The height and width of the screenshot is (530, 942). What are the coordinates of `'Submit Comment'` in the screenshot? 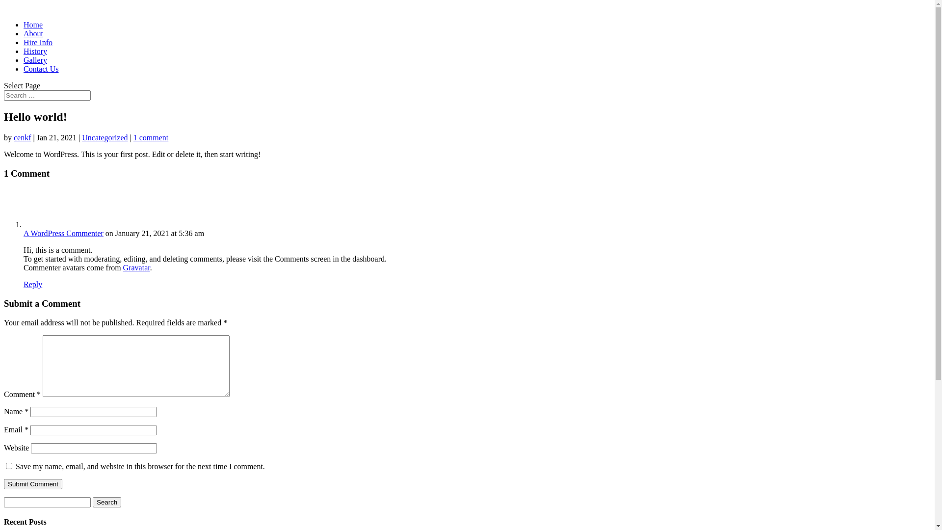 It's located at (33, 483).